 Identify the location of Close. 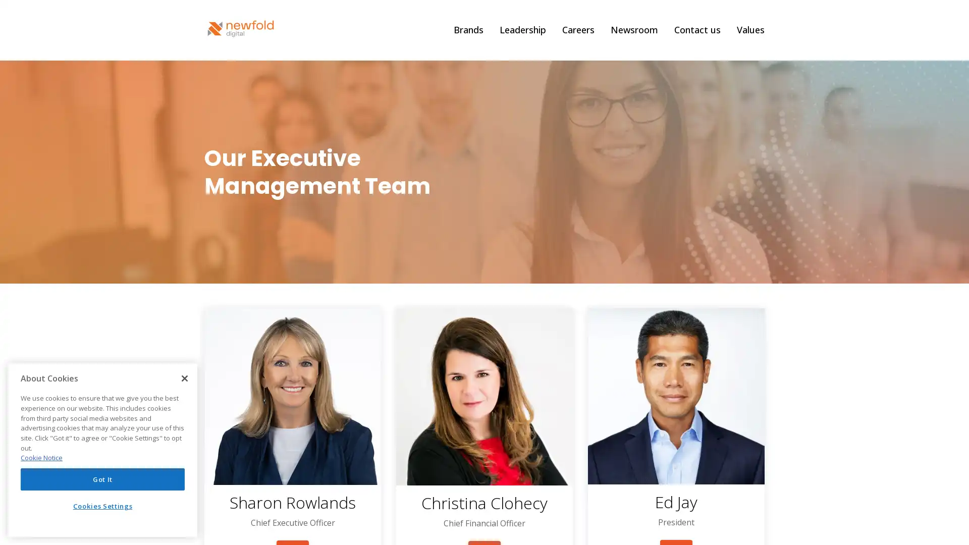
(184, 378).